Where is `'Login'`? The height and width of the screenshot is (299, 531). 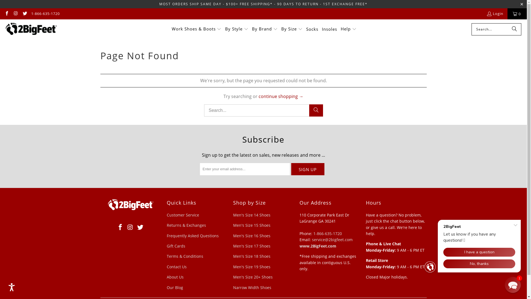 'Login' is located at coordinates (495, 14).